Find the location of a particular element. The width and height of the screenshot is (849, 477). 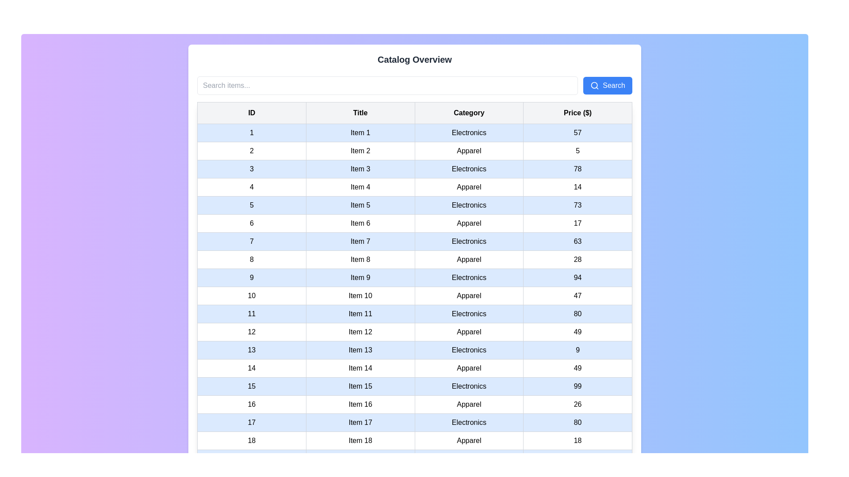

the first cell of the table row that identifies the ID of the listed item, which is located centrally in the layout is located at coordinates (251, 458).